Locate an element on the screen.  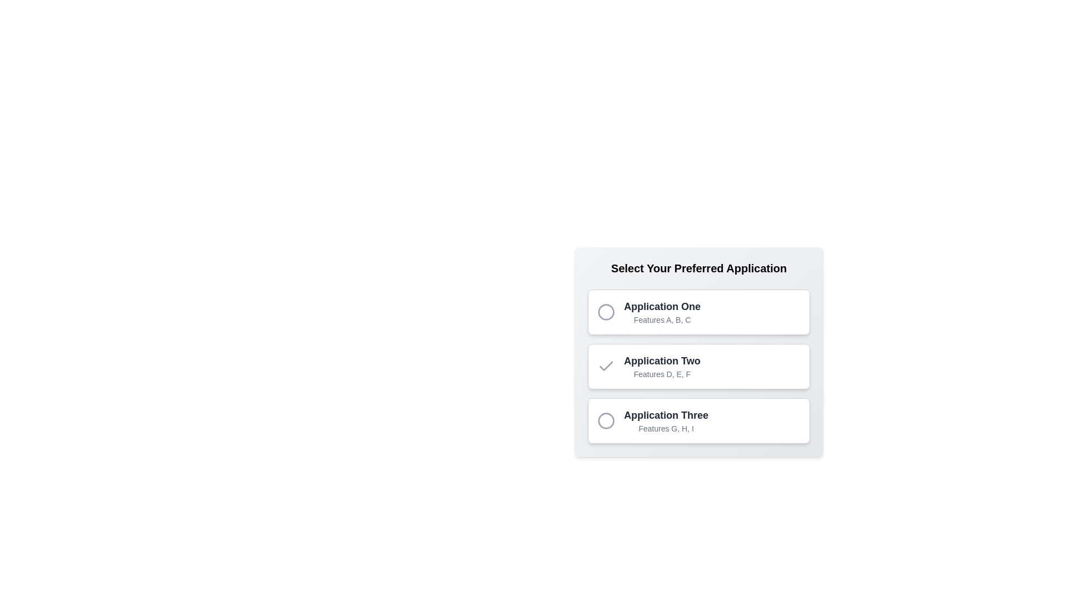
the thin border circular SVG graphic located to the left of the 'Application One' entry in the preferences selection list is located at coordinates (605, 312).